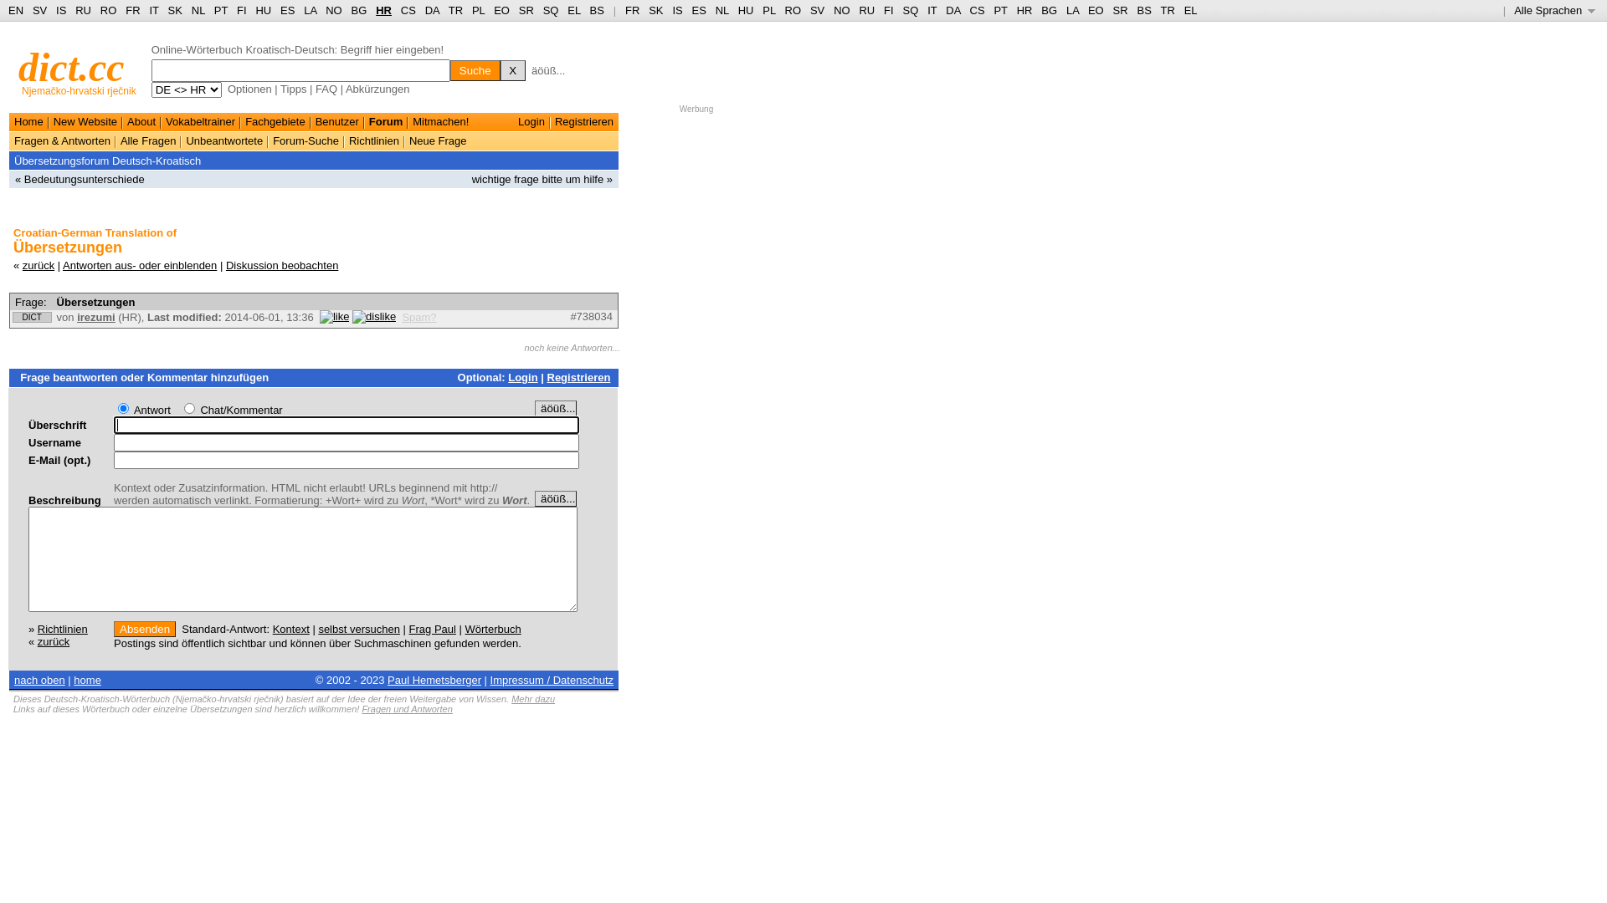  What do you see at coordinates (1159, 10) in the screenshot?
I see `'TR'` at bounding box center [1159, 10].